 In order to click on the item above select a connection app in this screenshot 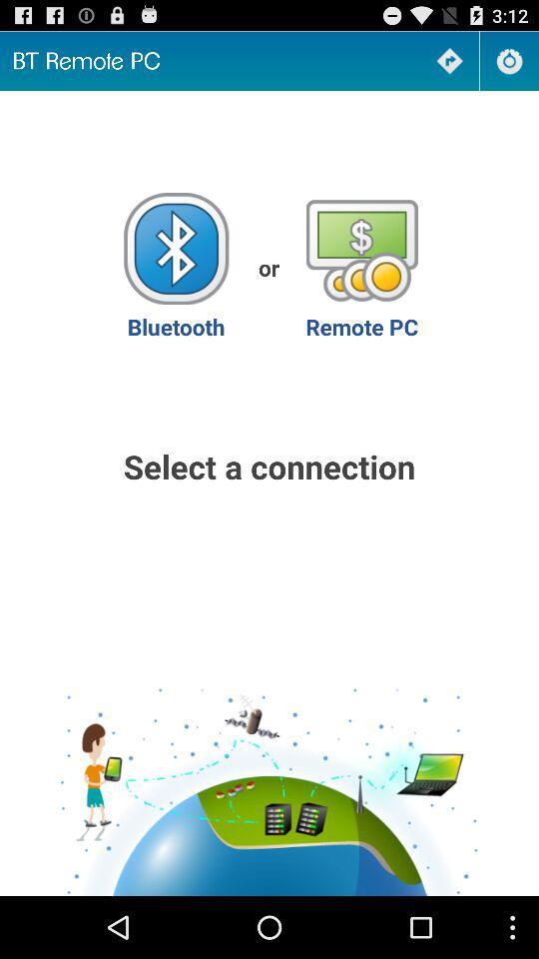, I will do `click(176, 266)`.